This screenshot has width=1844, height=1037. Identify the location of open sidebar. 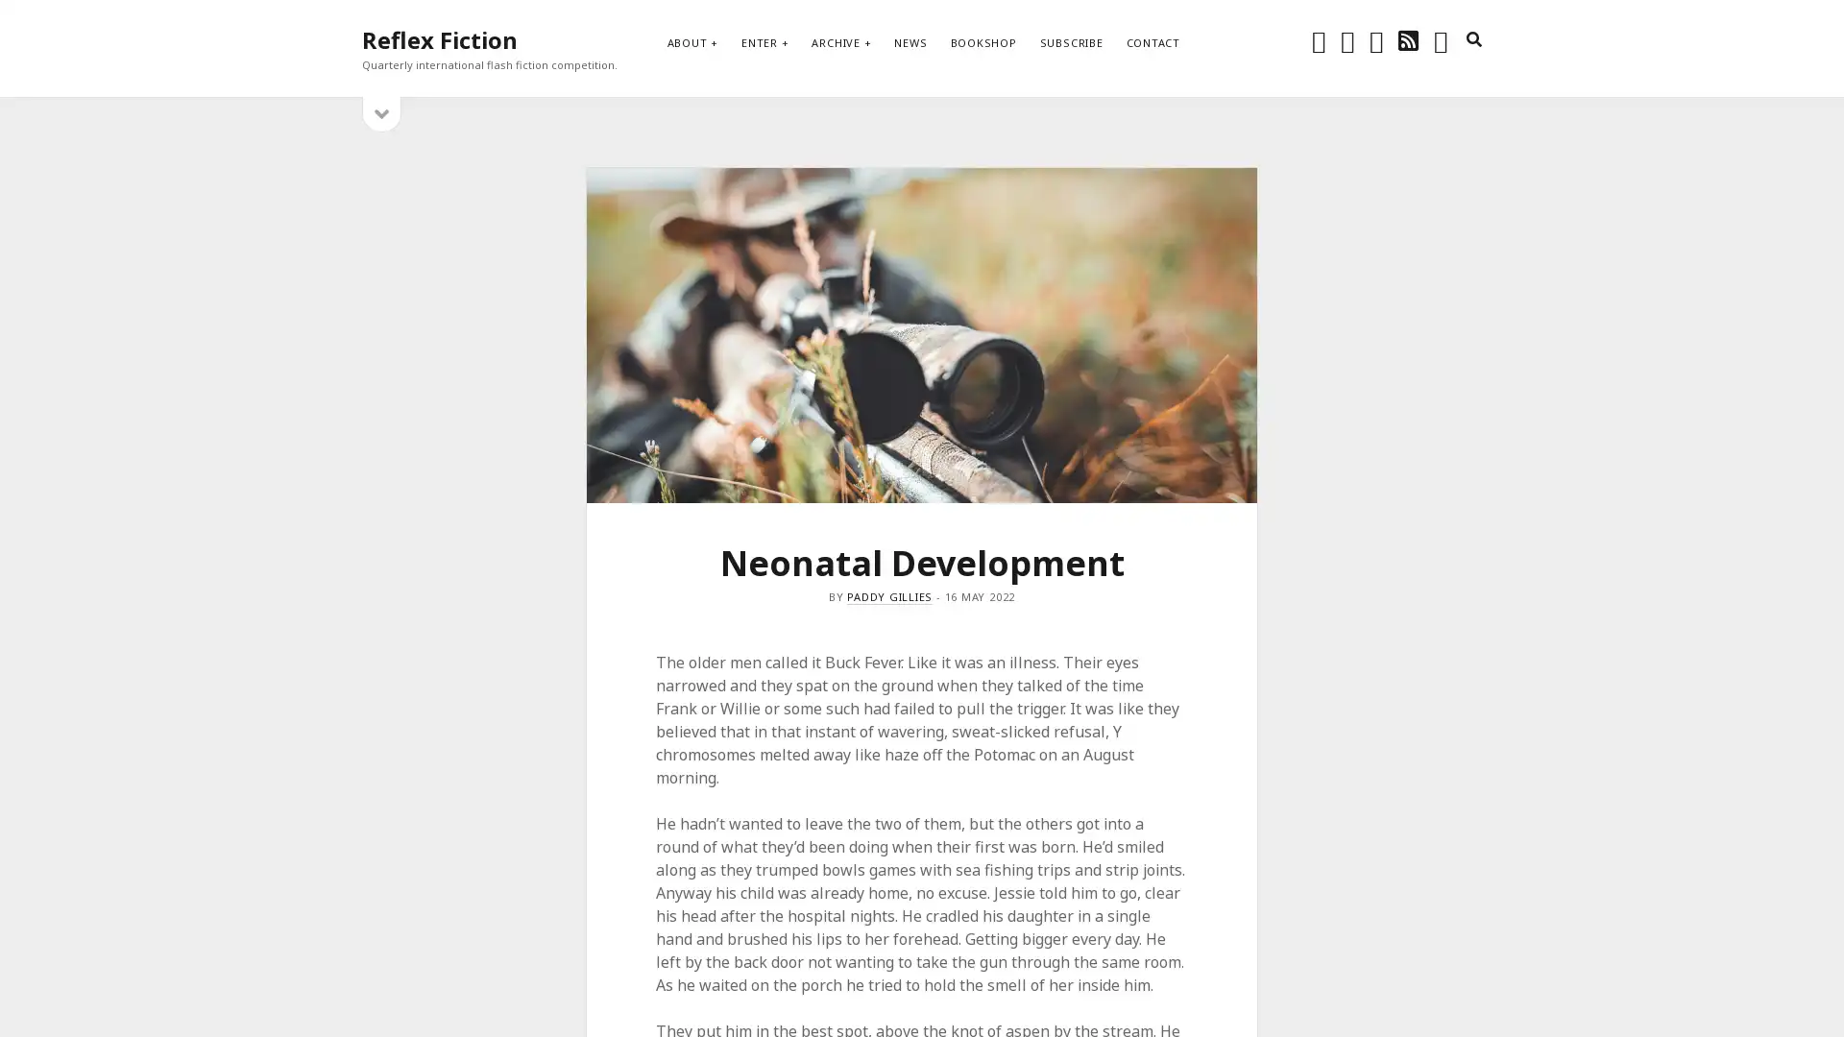
(380, 114).